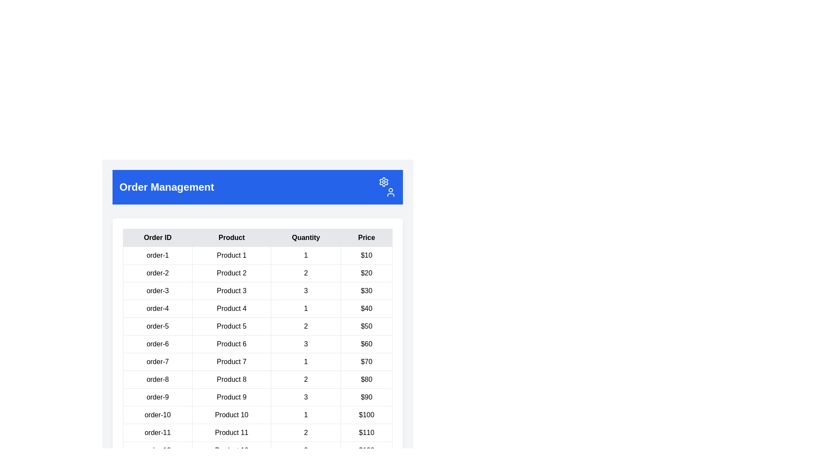  I want to click on the text label displaying 'order-8' in the first column of the row, so click(158, 379).